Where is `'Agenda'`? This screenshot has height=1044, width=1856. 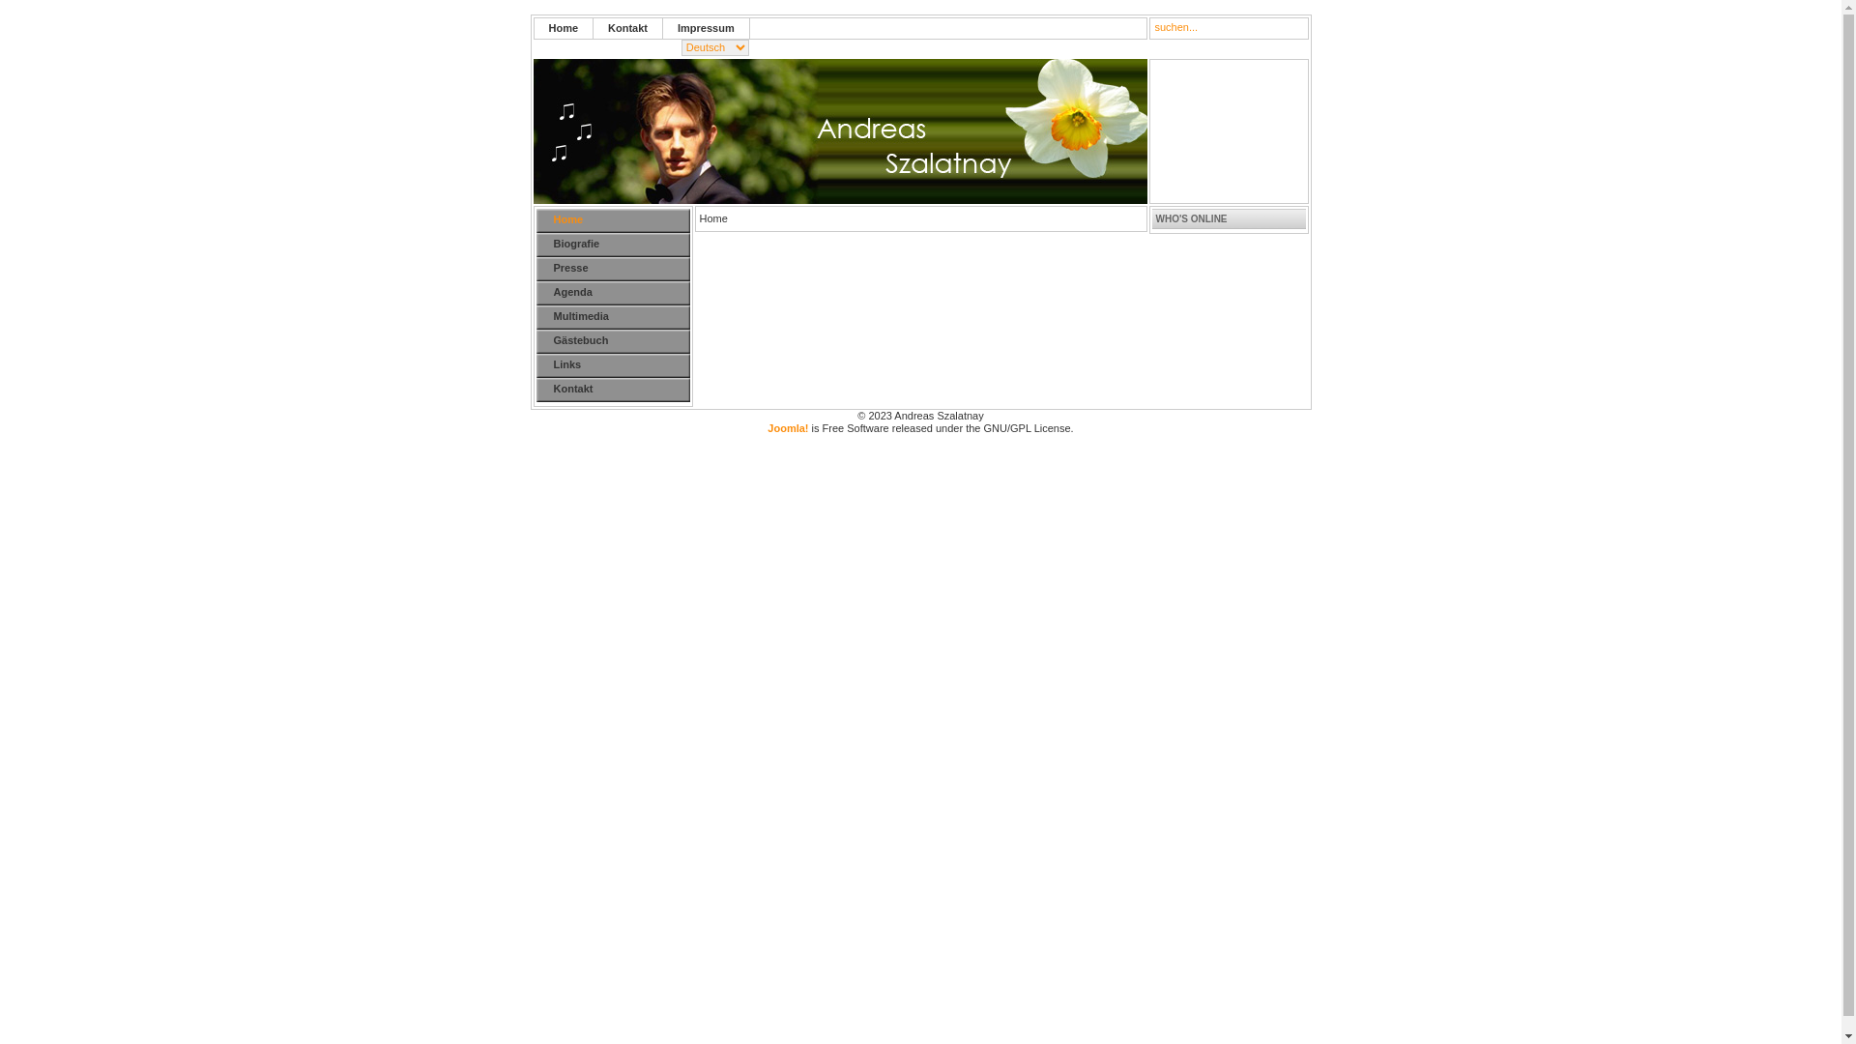
'Agenda' is located at coordinates (535, 293).